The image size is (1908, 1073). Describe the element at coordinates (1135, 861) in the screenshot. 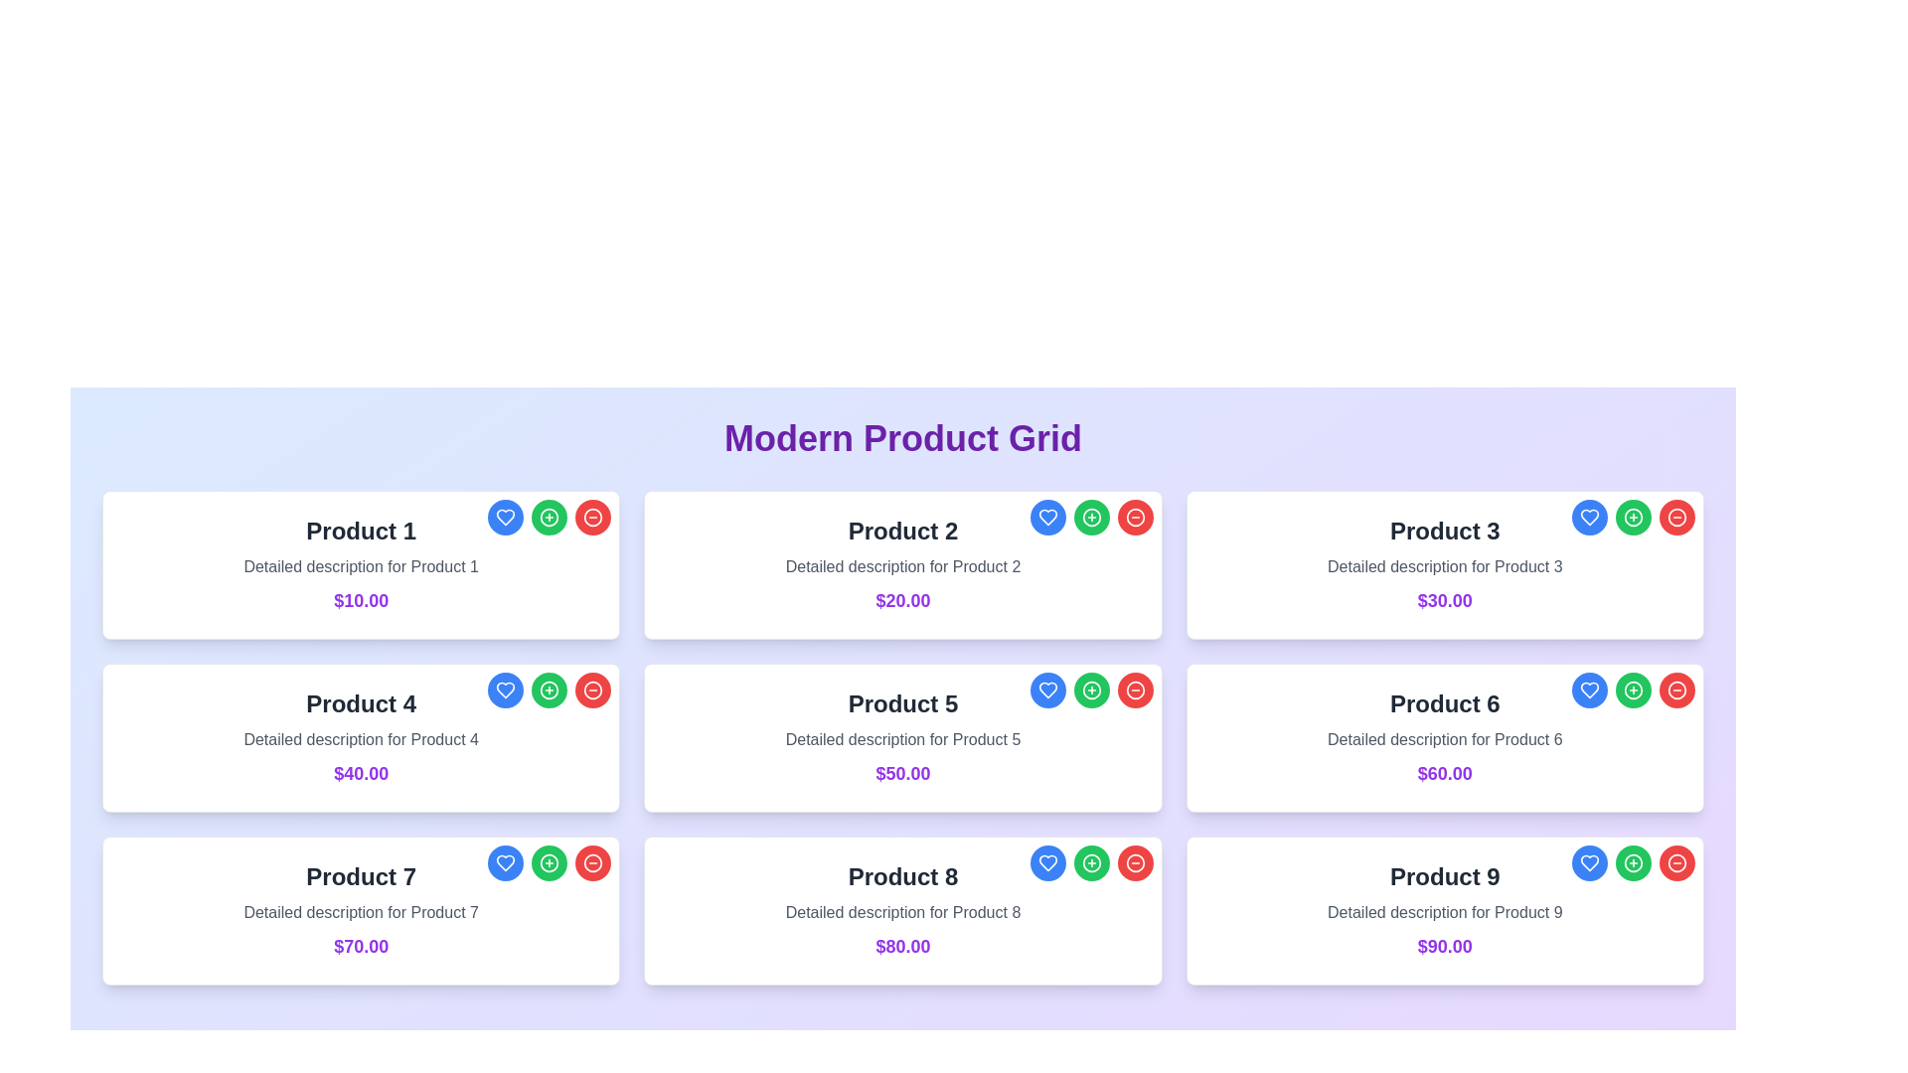

I see `the circular remove icon located within the red button on the right side of the 'Product 8' card in the third row of the grid` at that location.